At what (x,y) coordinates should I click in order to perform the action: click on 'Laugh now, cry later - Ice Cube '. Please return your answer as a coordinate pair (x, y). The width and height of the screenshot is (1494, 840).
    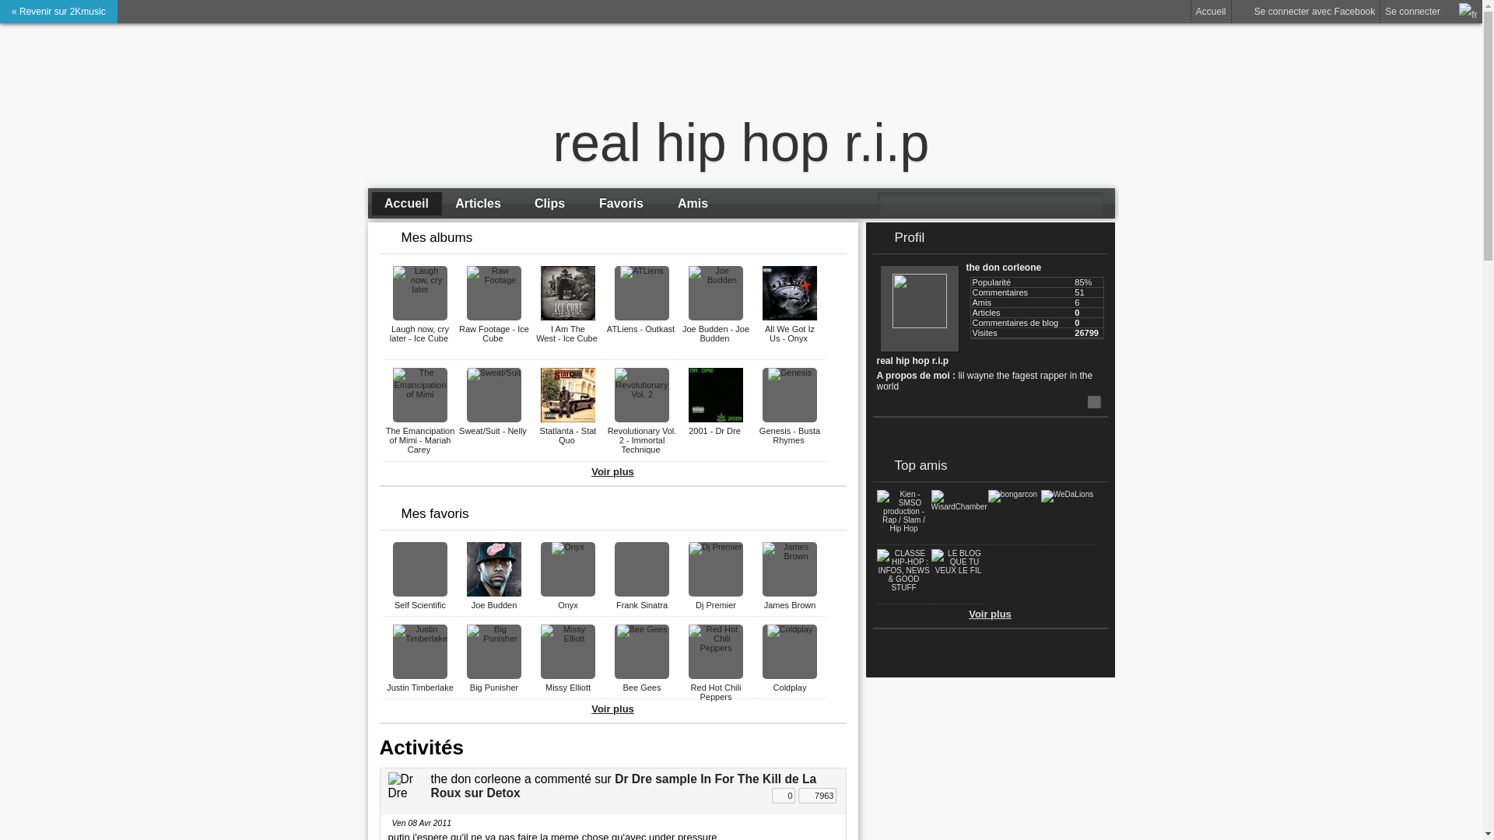
    Looking at the image, I should click on (419, 332).